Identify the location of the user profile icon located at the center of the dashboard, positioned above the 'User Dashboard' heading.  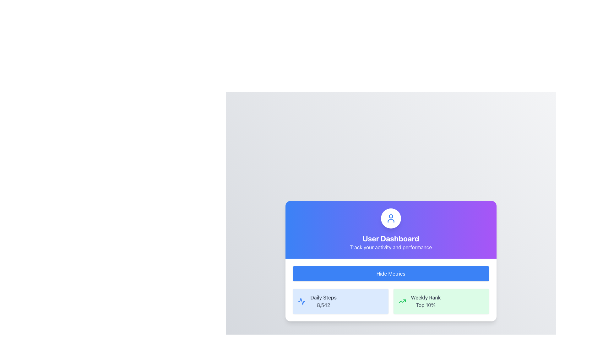
(390, 218).